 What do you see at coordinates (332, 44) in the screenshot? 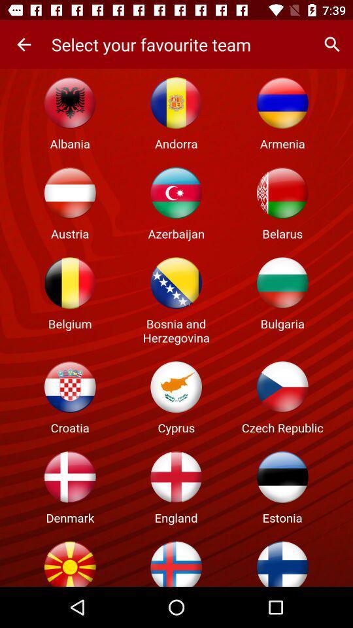
I see `the app to the right of the select your favourite item` at bounding box center [332, 44].